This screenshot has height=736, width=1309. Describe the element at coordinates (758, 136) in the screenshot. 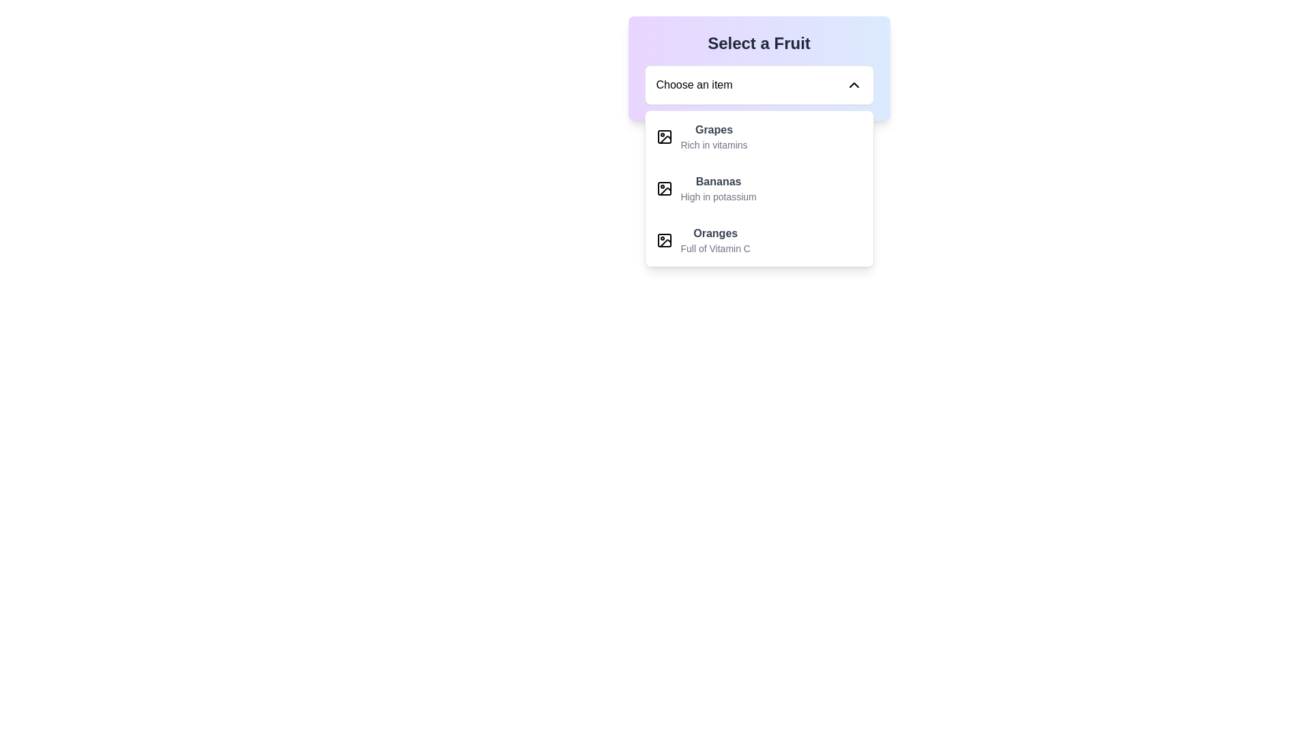

I see `the first dropdown menu item labeled 'Grapes' with a description 'Rich in vitamins'` at that location.